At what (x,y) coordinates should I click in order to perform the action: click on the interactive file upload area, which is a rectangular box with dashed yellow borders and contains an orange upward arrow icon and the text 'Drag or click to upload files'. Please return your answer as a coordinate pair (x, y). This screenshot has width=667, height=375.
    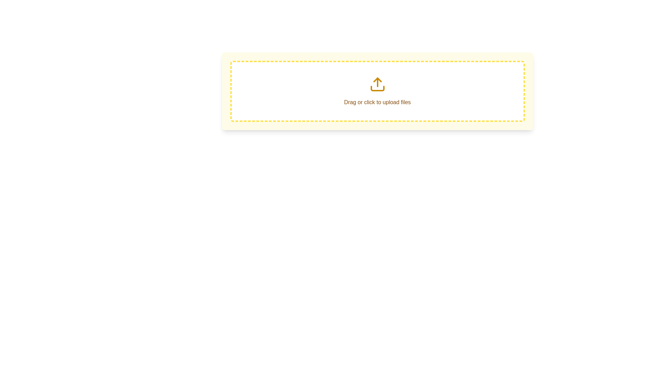
    Looking at the image, I should click on (377, 91).